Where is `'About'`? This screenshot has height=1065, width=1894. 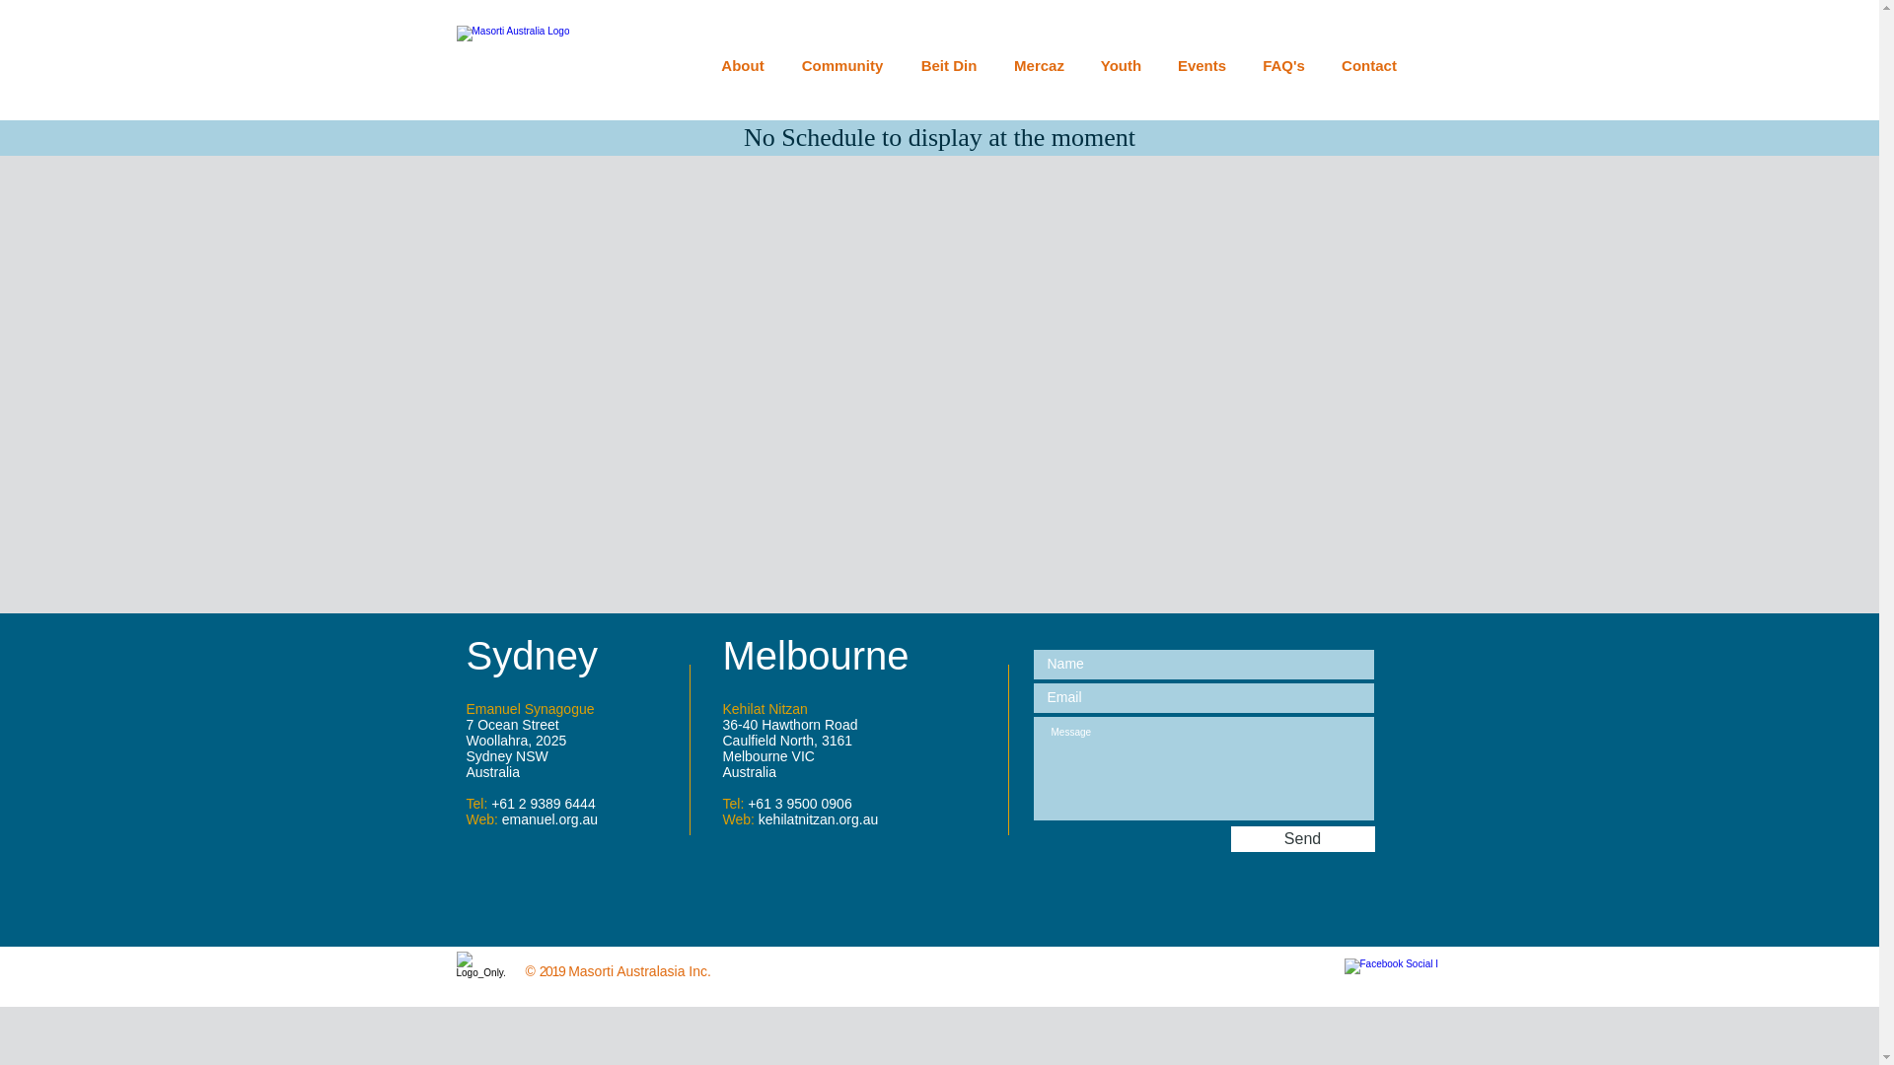
'About' is located at coordinates (741, 64).